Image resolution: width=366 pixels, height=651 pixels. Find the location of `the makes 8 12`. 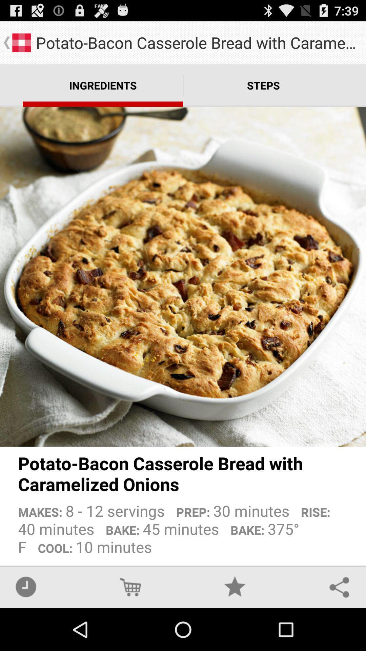

the makes 8 12 is located at coordinates (183, 526).